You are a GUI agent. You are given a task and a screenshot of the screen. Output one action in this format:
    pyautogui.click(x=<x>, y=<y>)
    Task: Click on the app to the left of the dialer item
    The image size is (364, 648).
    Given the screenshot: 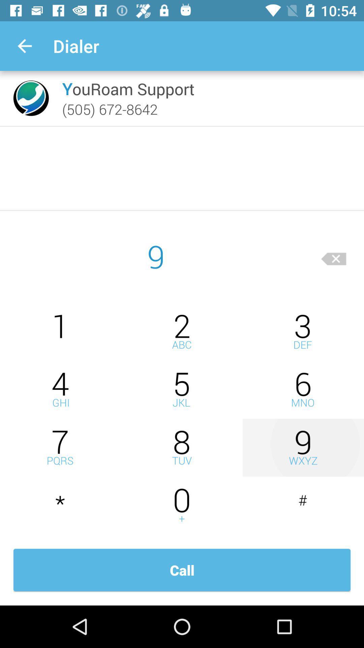 What is the action you would take?
    pyautogui.click(x=24, y=46)
    